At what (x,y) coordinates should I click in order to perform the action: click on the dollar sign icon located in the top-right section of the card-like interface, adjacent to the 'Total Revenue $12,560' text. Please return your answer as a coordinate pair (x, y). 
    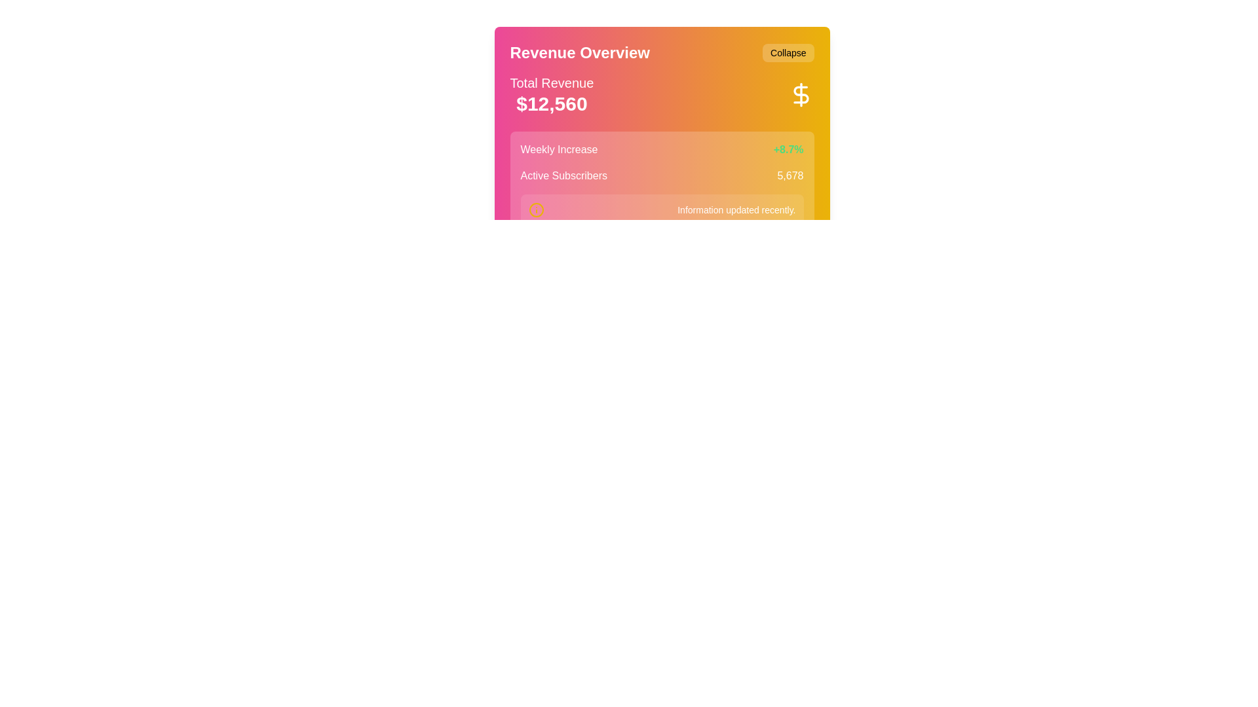
    Looking at the image, I should click on (800, 94).